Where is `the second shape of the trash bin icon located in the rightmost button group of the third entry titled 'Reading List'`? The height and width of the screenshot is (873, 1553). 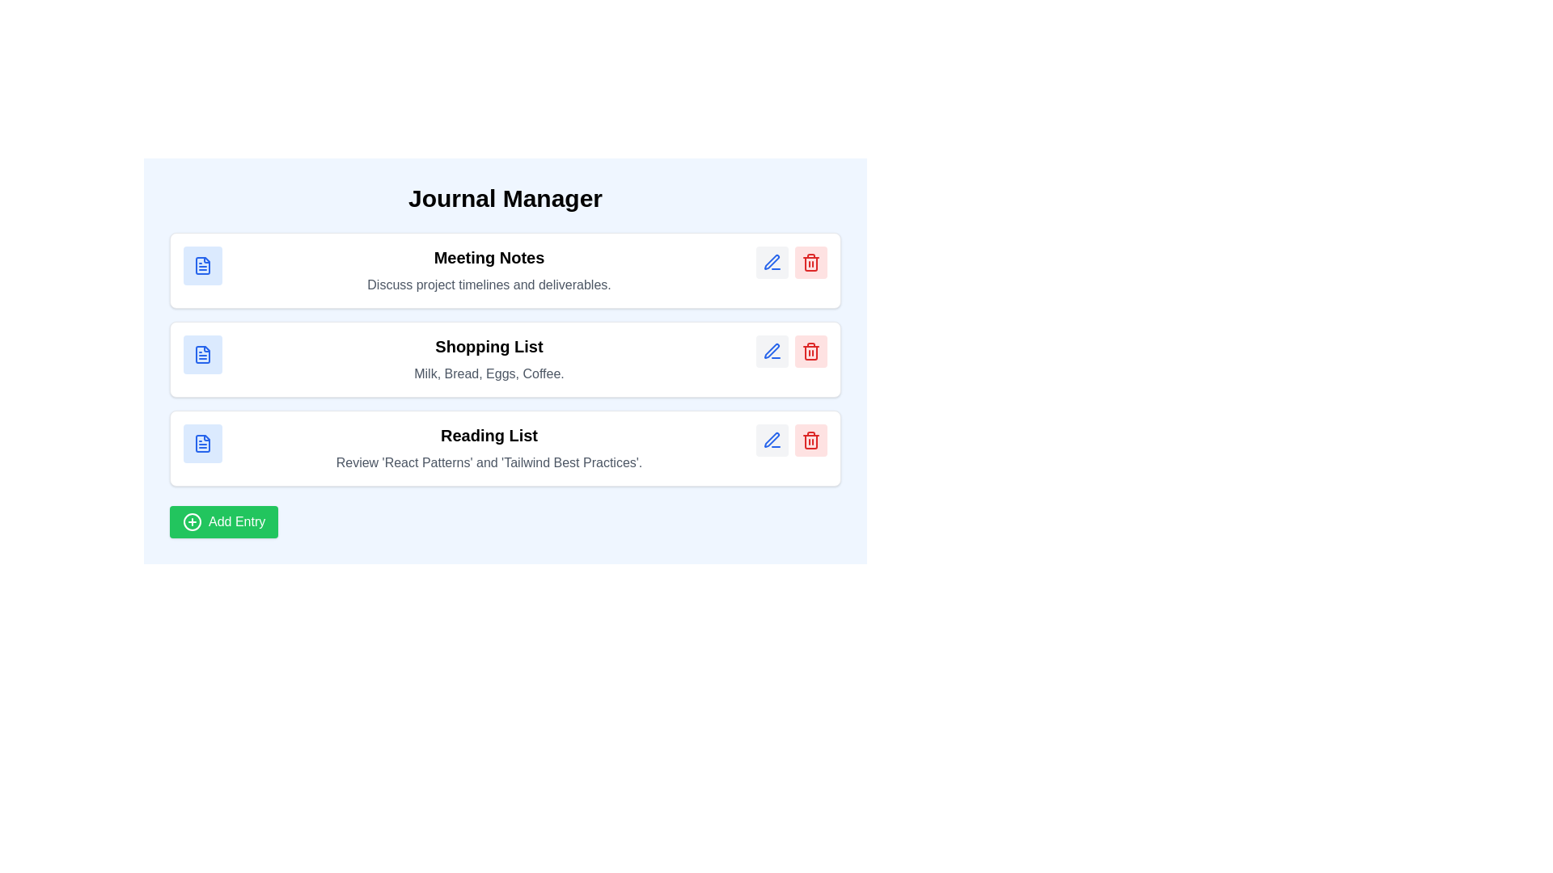
the second shape of the trash bin icon located in the rightmost button group of the third entry titled 'Reading List' is located at coordinates (811, 352).